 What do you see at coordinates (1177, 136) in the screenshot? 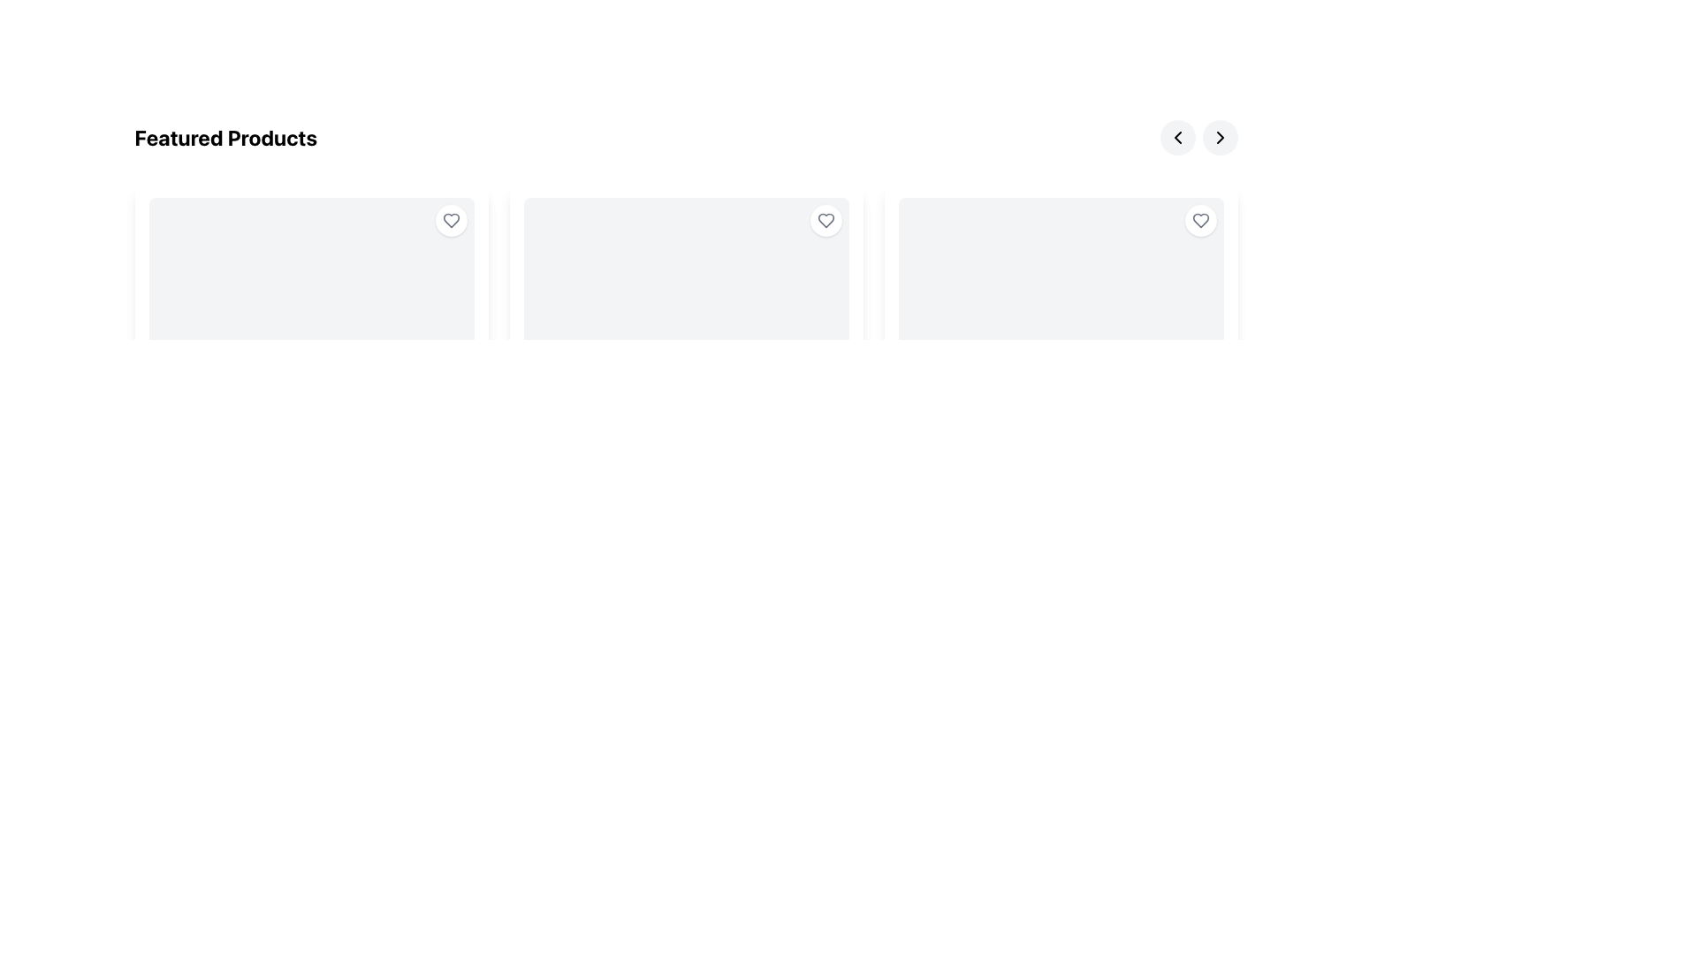
I see `the circular button with a white background and a left-pointing black arrow symbol` at bounding box center [1177, 136].